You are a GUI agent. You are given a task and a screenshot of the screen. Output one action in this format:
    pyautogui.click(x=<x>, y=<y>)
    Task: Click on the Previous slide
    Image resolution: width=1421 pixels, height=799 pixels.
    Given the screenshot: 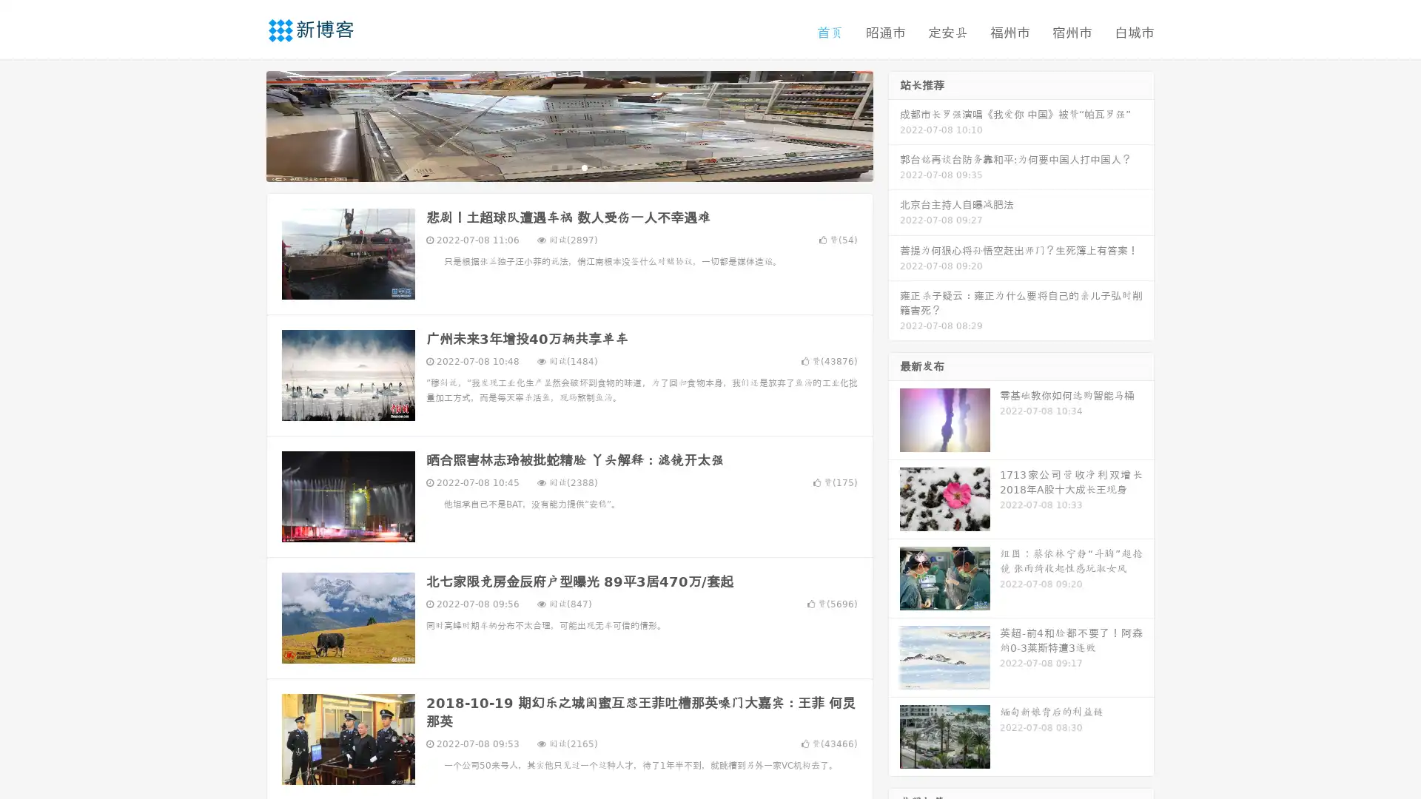 What is the action you would take?
    pyautogui.click(x=244, y=124)
    